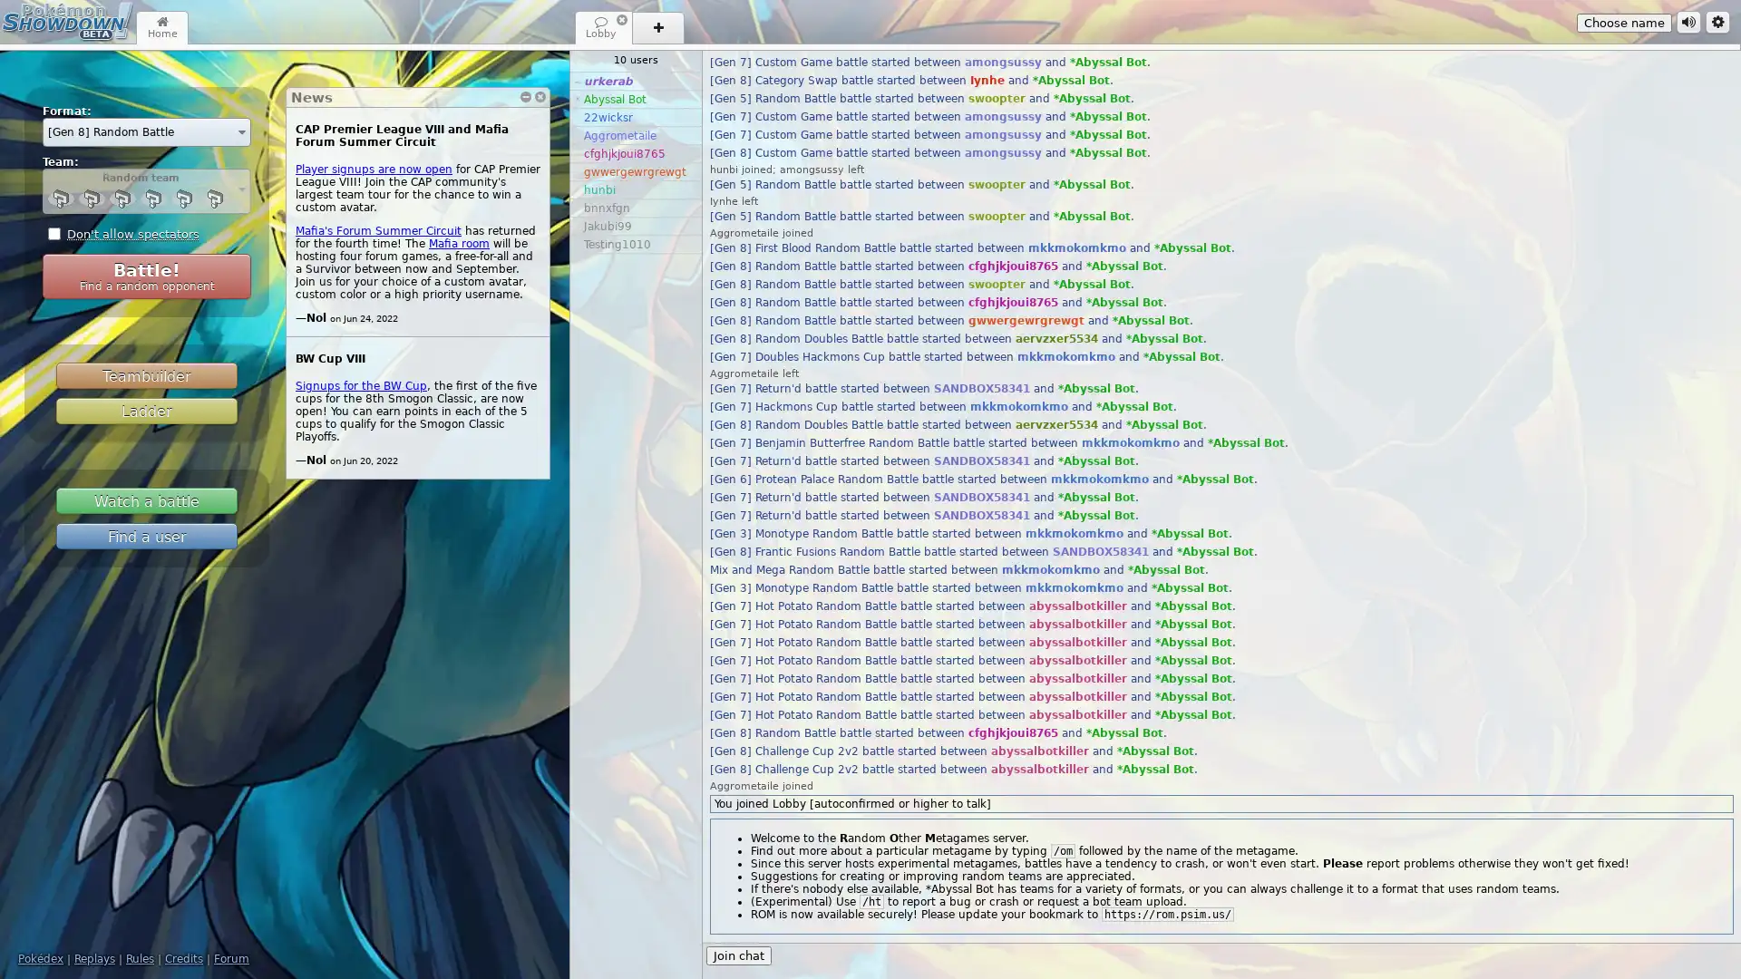  Describe the element at coordinates (147, 500) in the screenshot. I see `Watch a battle` at that location.